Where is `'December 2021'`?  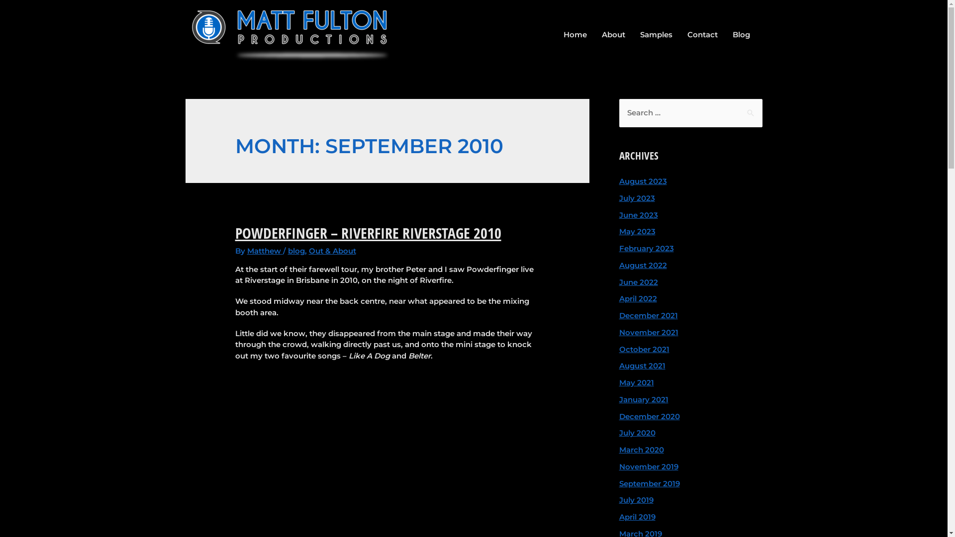 'December 2021' is located at coordinates (648, 315).